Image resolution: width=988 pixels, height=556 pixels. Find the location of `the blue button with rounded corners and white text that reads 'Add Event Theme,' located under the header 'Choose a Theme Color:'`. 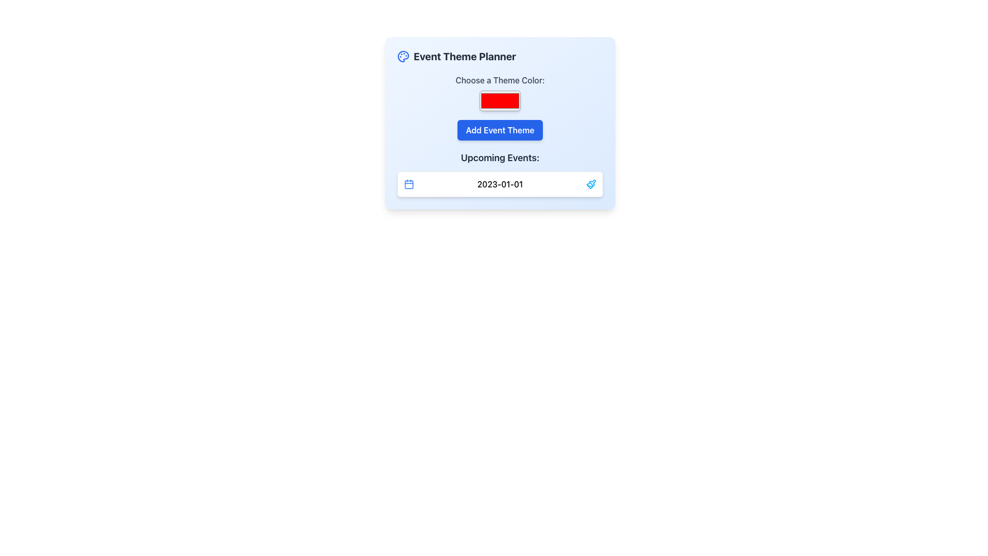

the blue button with rounded corners and white text that reads 'Add Event Theme,' located under the header 'Choose a Theme Color:' is located at coordinates (500, 130).